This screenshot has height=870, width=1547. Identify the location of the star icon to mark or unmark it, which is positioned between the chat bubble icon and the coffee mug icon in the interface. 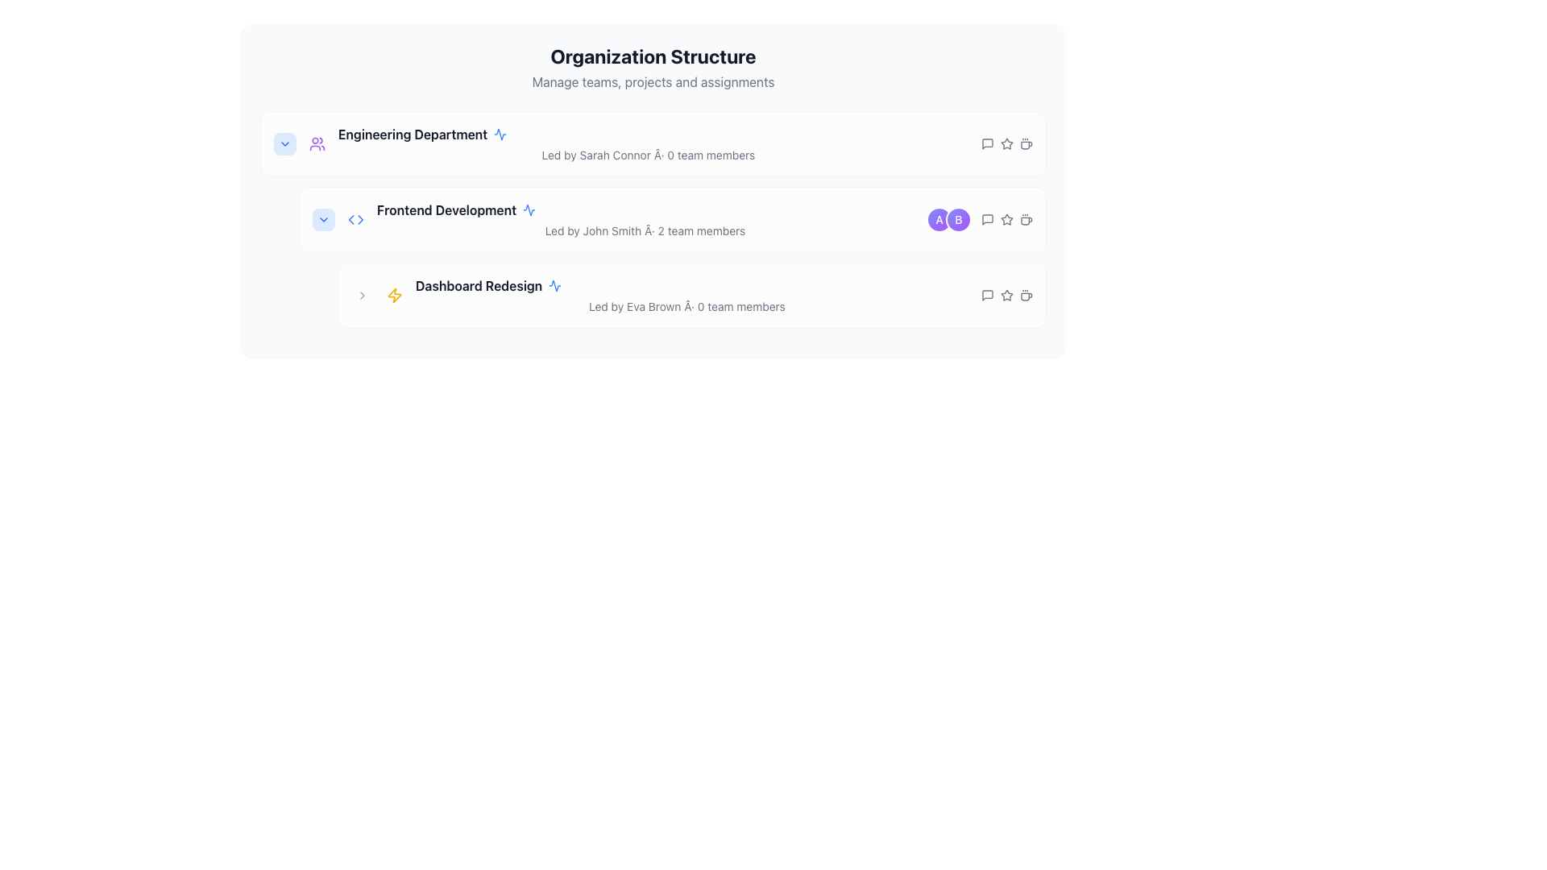
(1006, 143).